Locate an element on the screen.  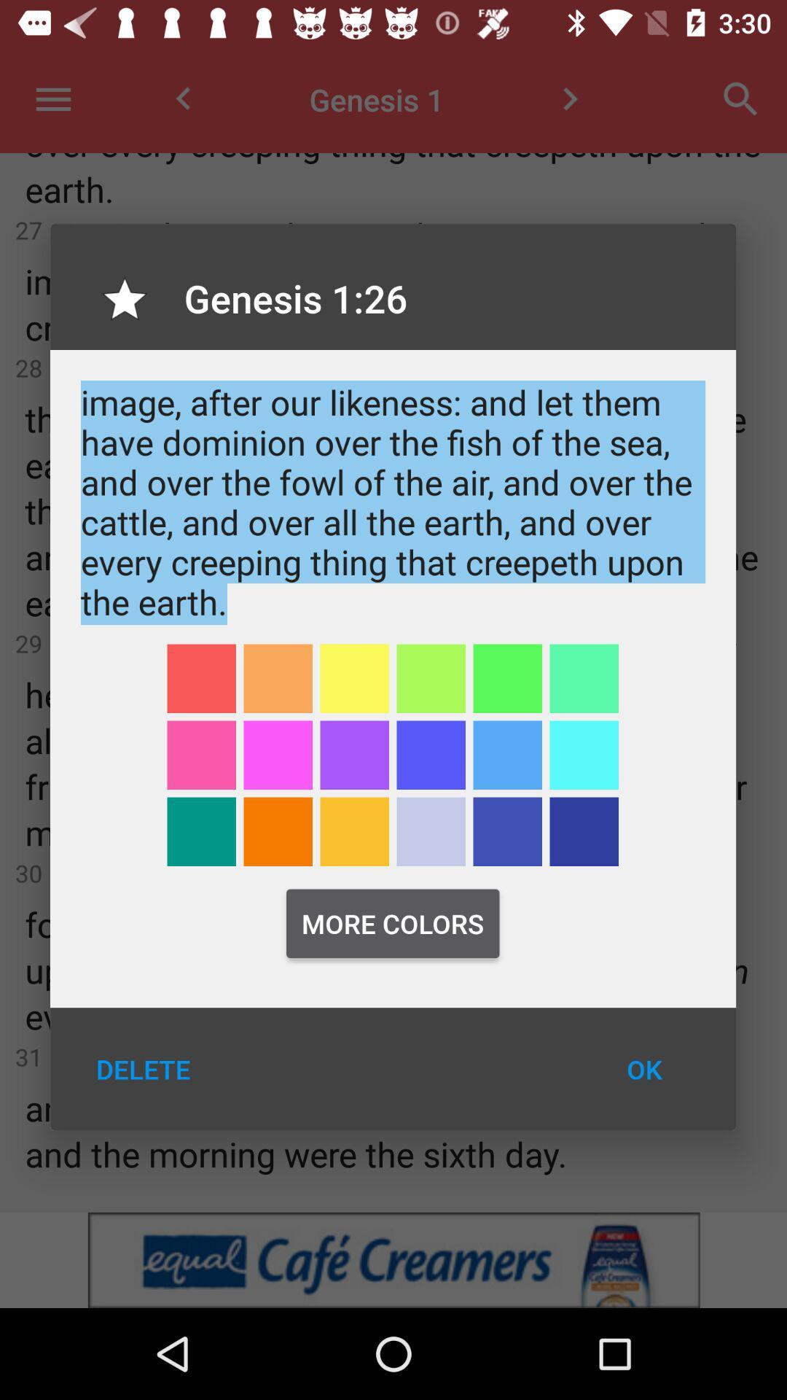
the icon below and god said is located at coordinates (278, 677).